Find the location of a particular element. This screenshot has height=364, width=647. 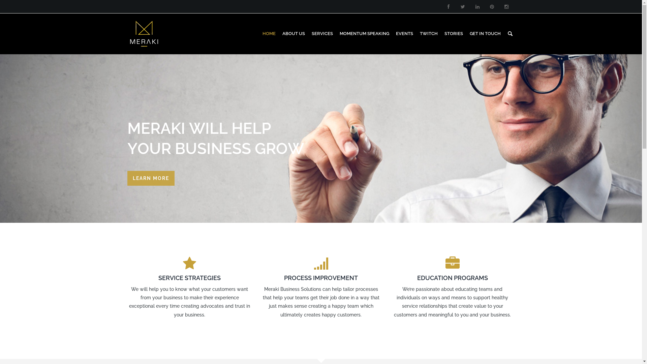

'SERVICES' is located at coordinates (321, 34).